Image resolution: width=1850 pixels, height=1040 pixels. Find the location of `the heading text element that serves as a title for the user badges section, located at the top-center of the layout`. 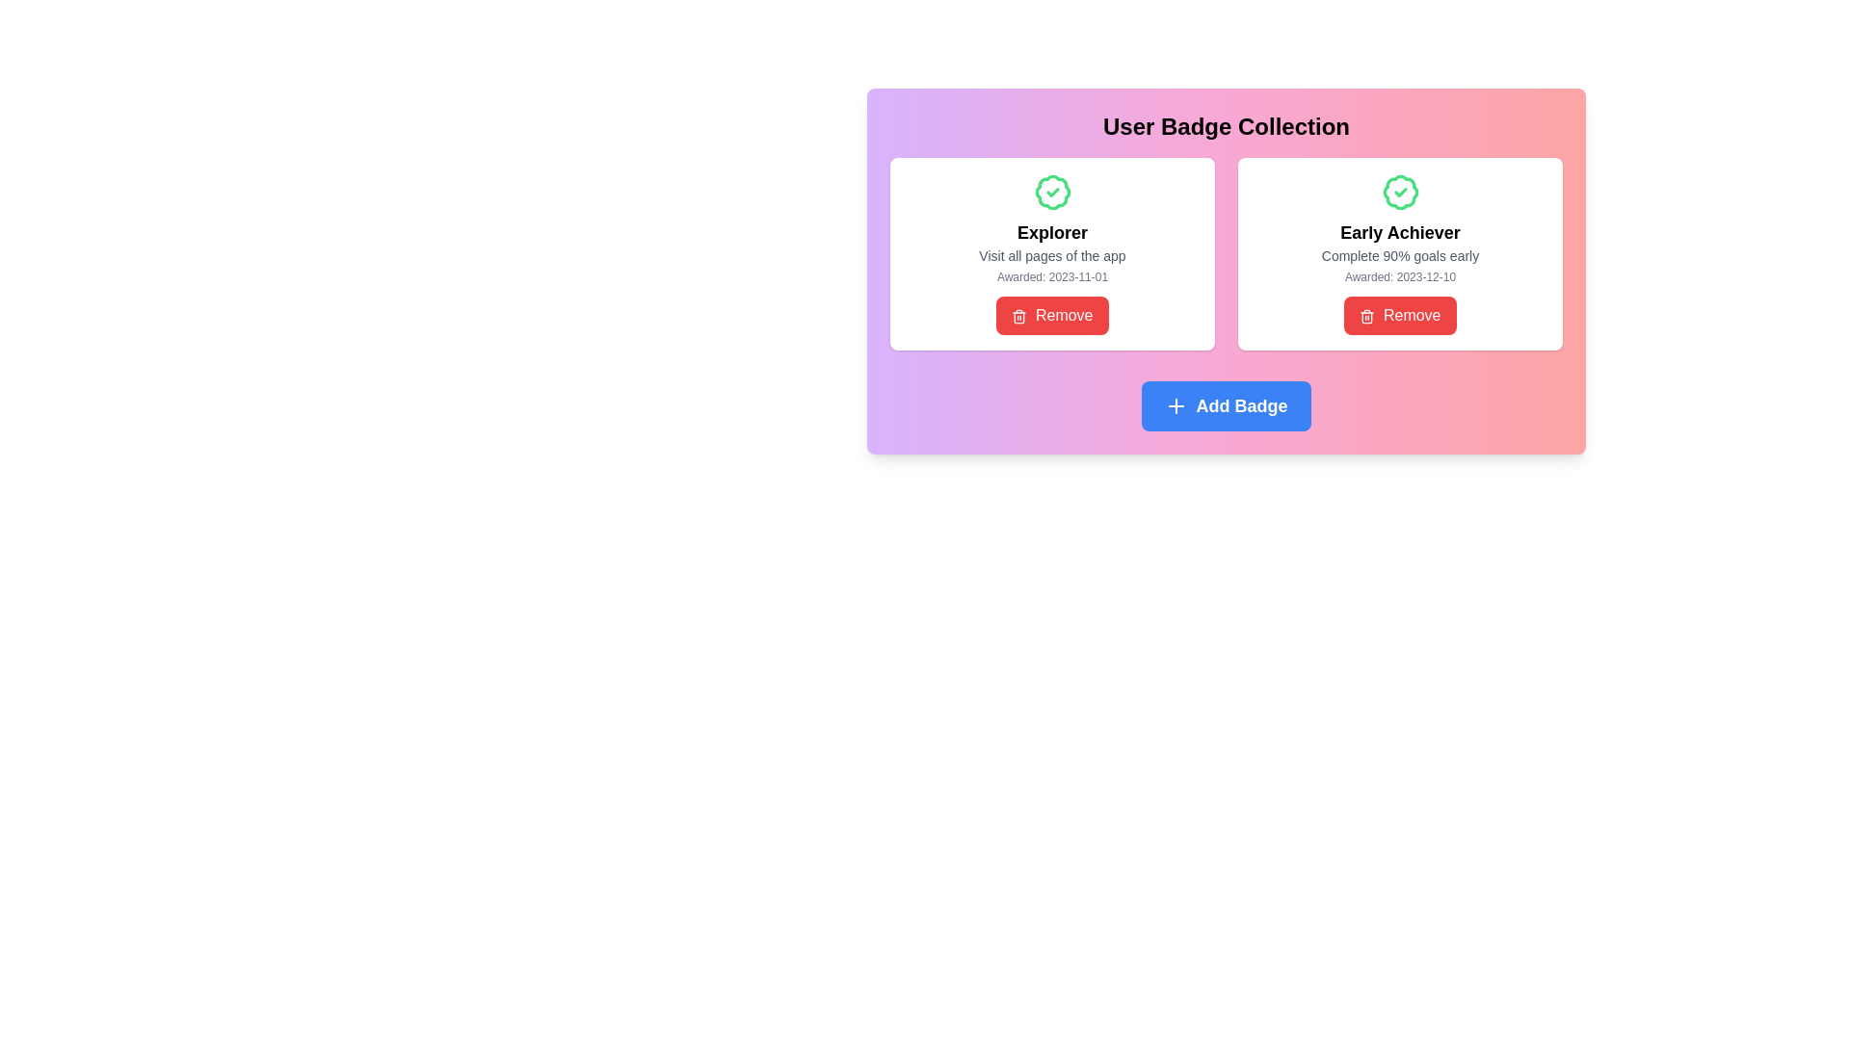

the heading text element that serves as a title for the user badges section, located at the top-center of the layout is located at coordinates (1225, 126).